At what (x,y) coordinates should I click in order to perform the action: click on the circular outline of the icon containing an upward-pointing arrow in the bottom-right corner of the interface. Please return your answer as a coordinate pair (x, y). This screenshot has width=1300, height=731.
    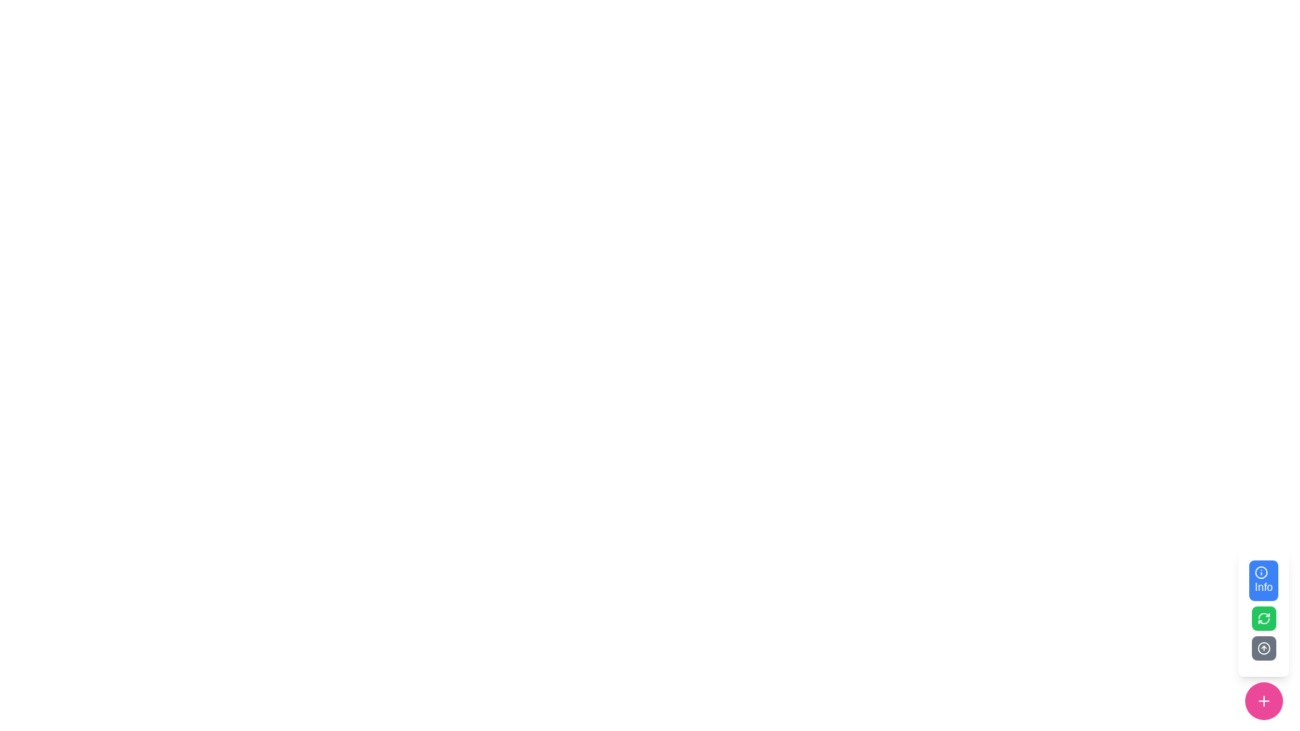
    Looking at the image, I should click on (1263, 647).